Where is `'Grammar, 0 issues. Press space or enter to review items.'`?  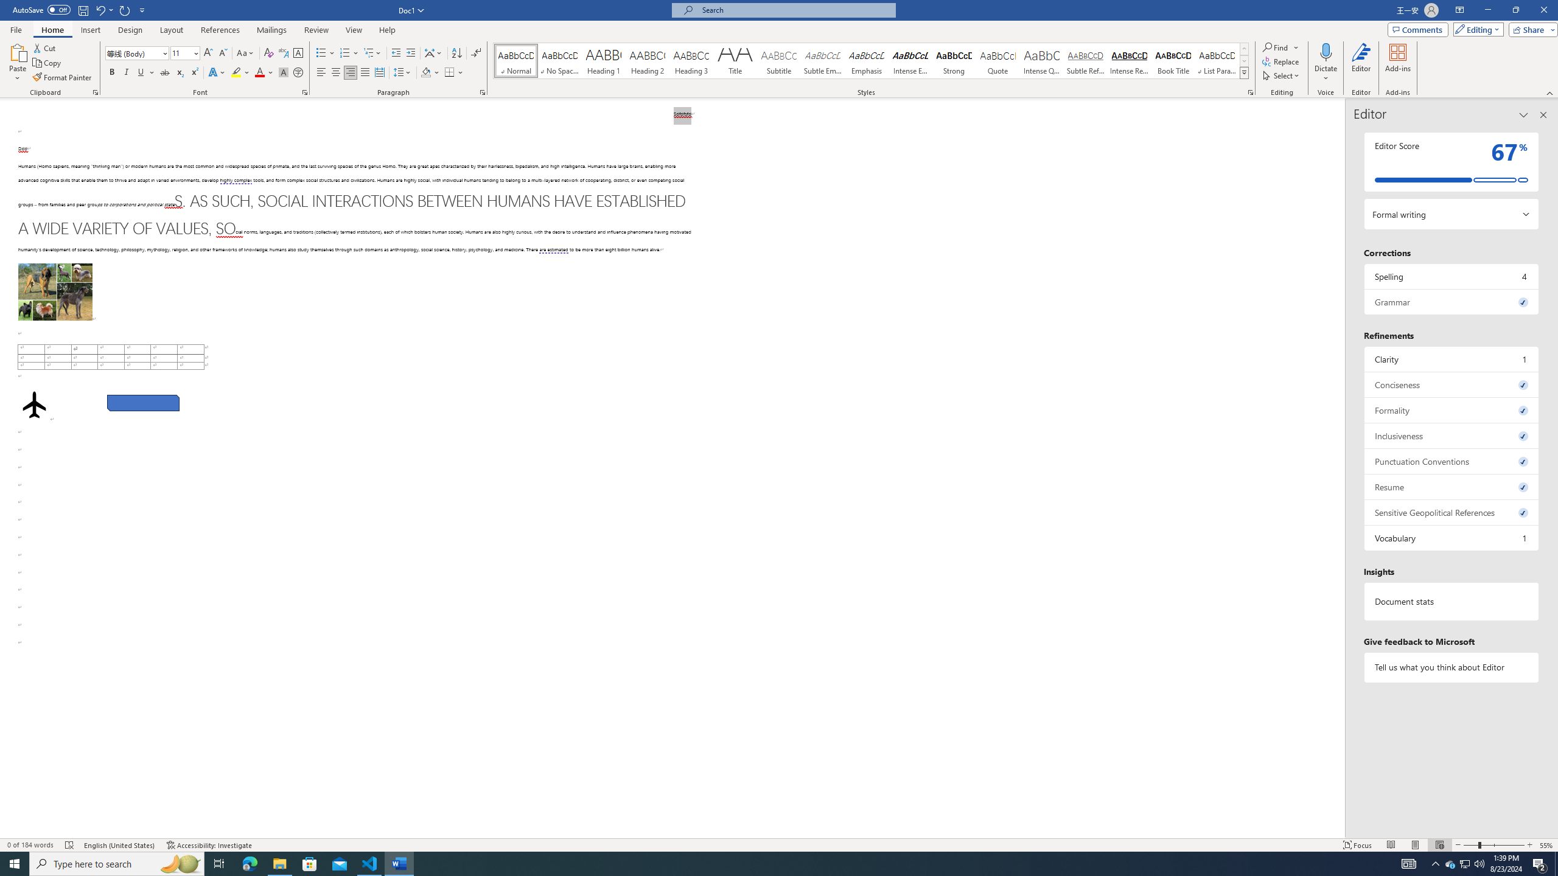 'Grammar, 0 issues. Press space or enter to review items.' is located at coordinates (1451, 301).